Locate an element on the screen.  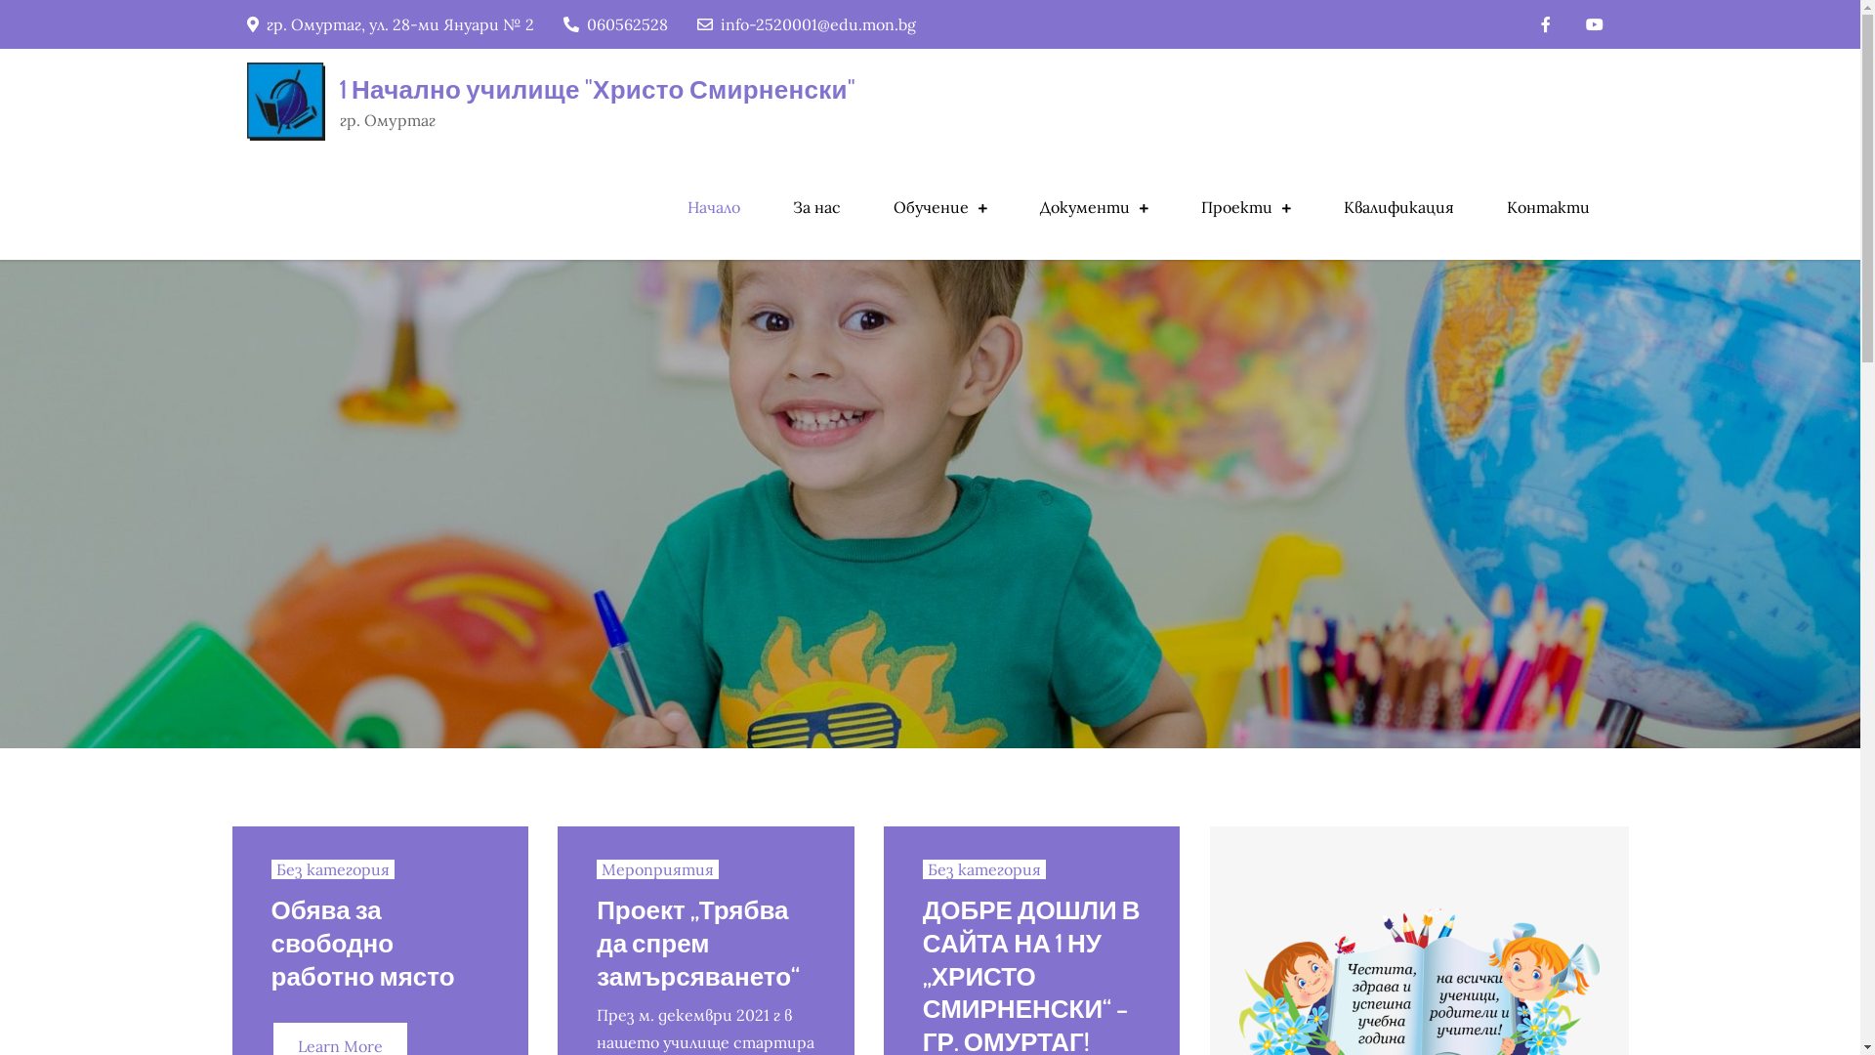
'060562528' is located at coordinates (613, 23).